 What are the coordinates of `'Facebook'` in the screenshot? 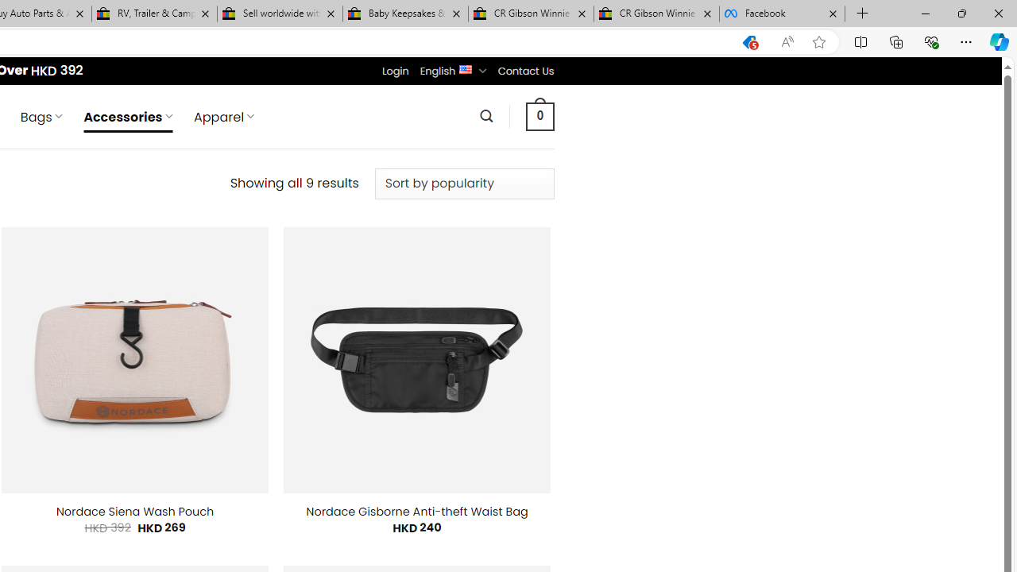 It's located at (782, 14).